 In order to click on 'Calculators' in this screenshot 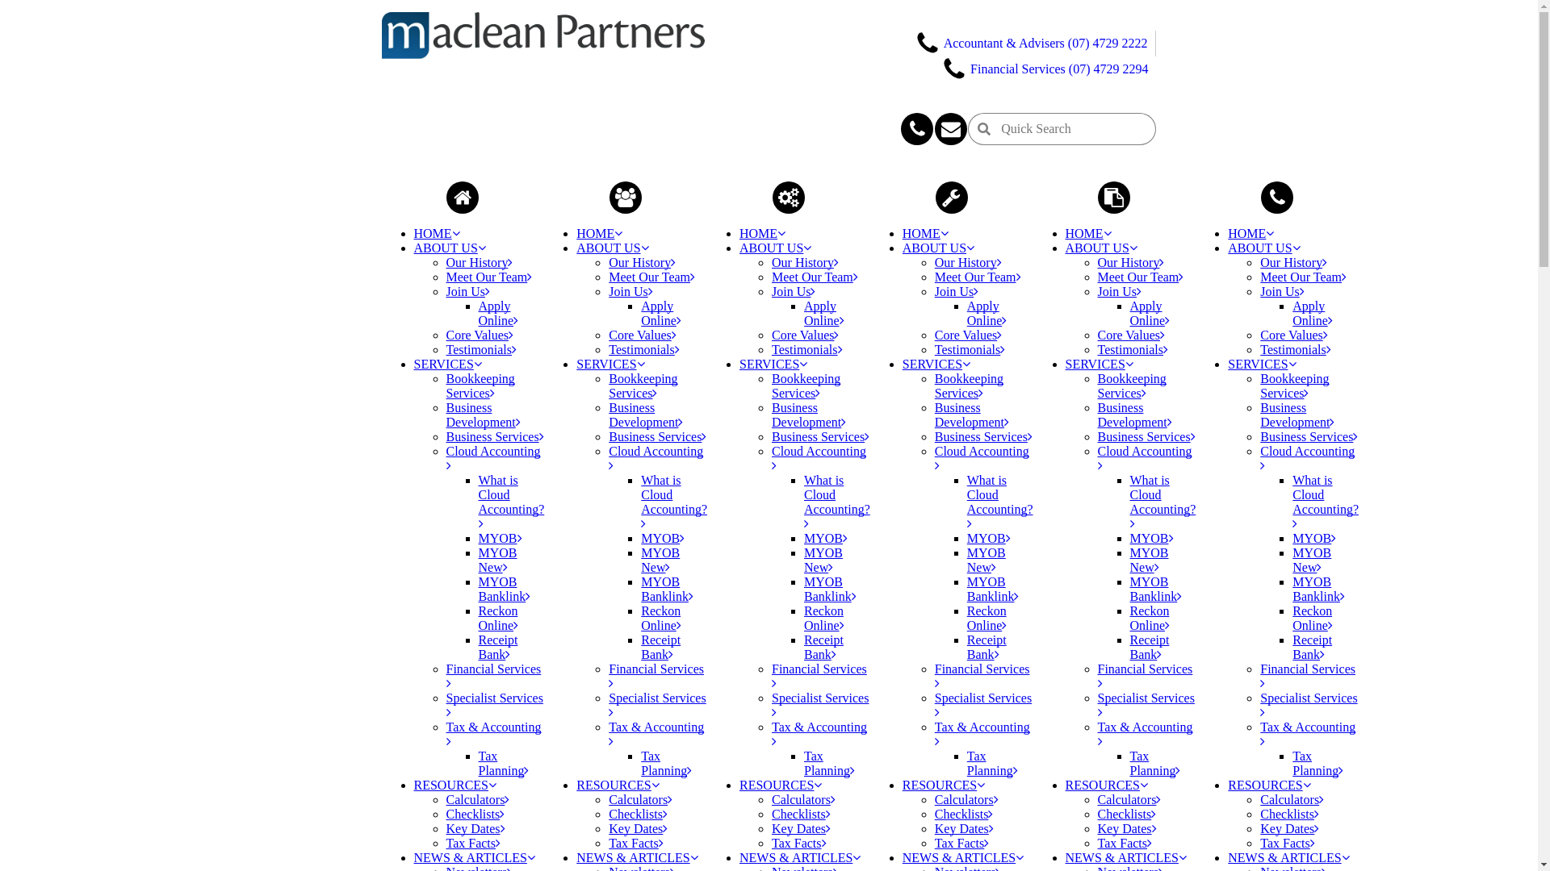, I will do `click(476, 799)`.